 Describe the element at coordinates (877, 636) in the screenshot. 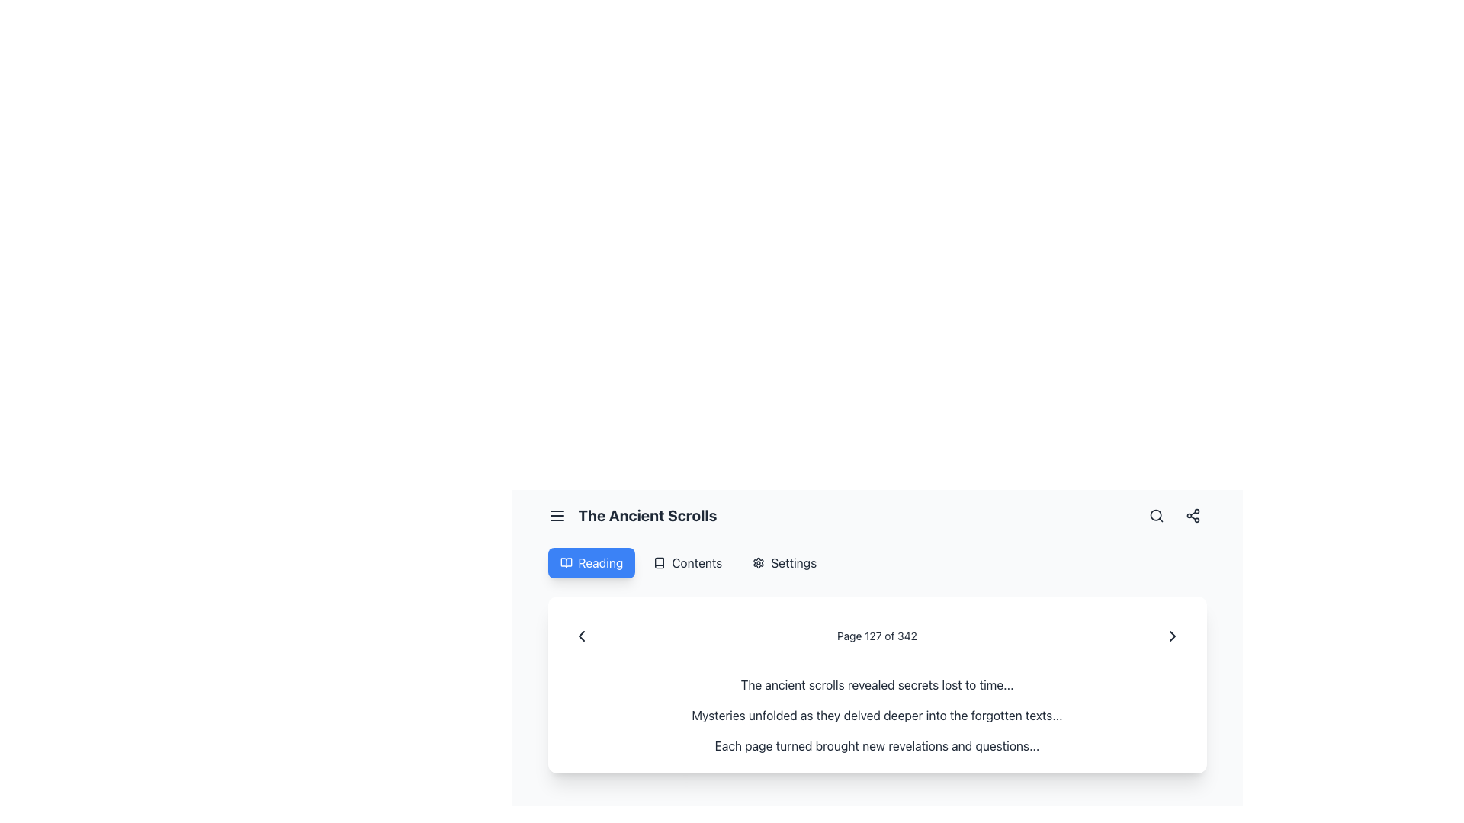

I see `the static text display that shows 'Page 127 of 342' in the upper-middle part of the visible page display area` at that location.